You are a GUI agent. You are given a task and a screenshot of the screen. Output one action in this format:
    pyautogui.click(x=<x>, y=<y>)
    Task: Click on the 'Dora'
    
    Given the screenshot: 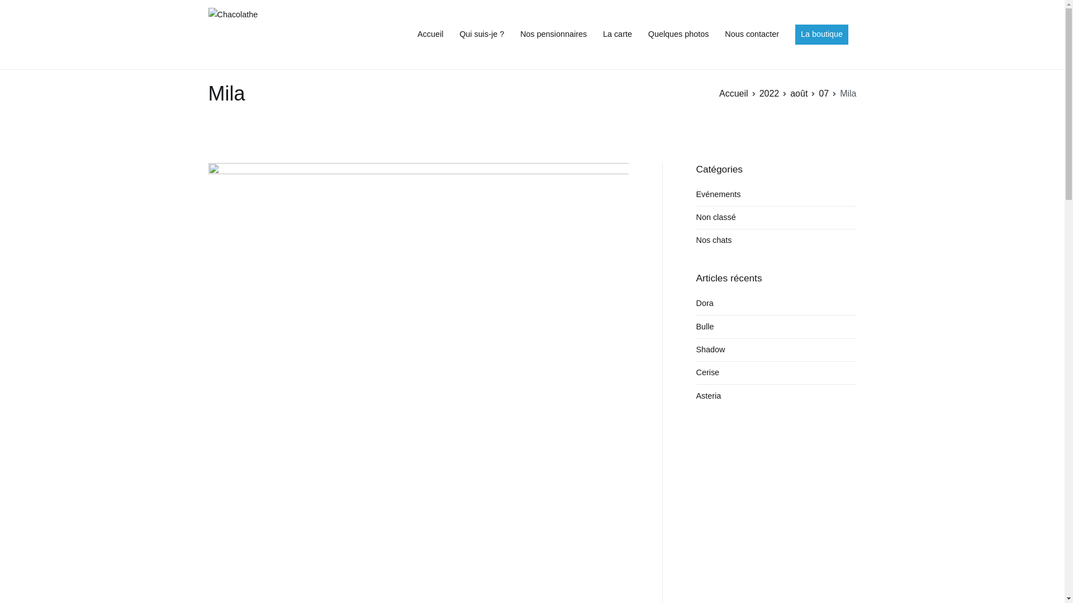 What is the action you would take?
    pyautogui.click(x=704, y=303)
    